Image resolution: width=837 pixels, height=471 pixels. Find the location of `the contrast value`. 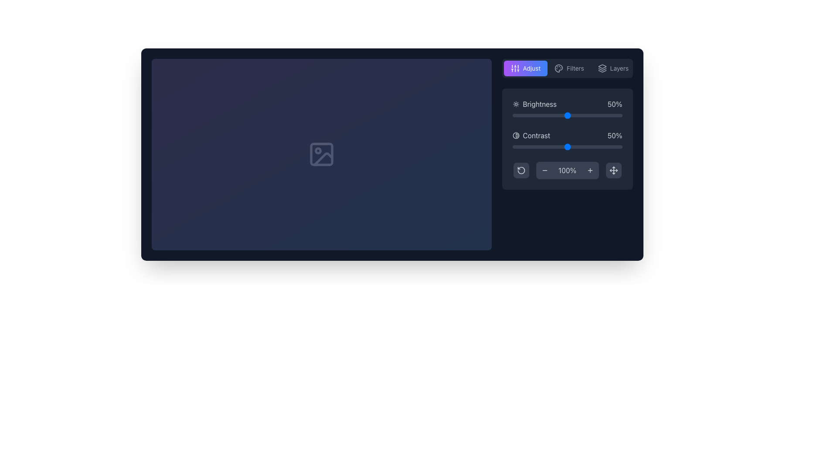

the contrast value is located at coordinates (548, 146).